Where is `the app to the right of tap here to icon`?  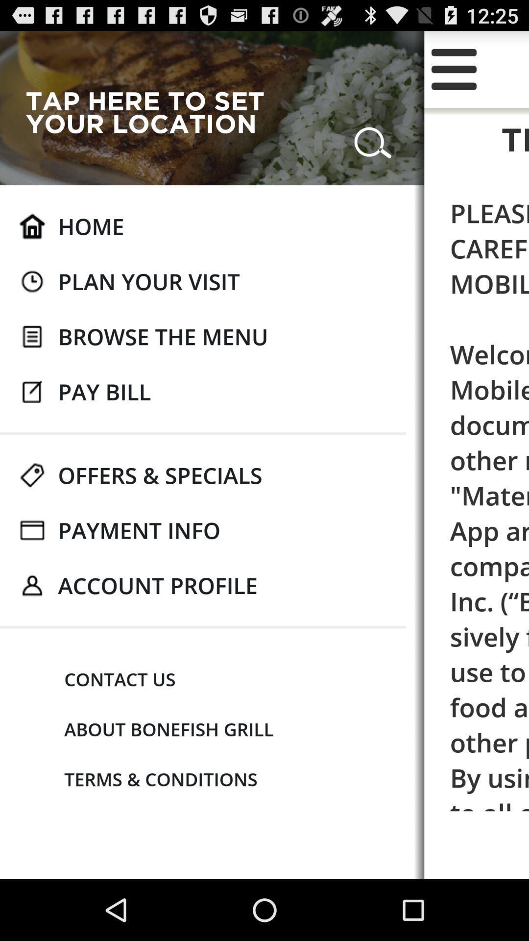
the app to the right of tap here to icon is located at coordinates (373, 138).